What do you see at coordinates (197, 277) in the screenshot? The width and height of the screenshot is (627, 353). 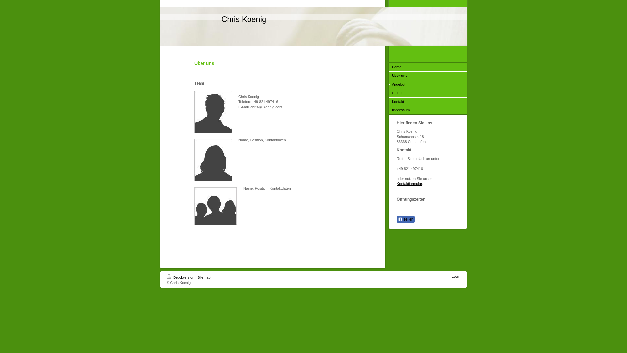 I see `'Sitemap'` at bounding box center [197, 277].